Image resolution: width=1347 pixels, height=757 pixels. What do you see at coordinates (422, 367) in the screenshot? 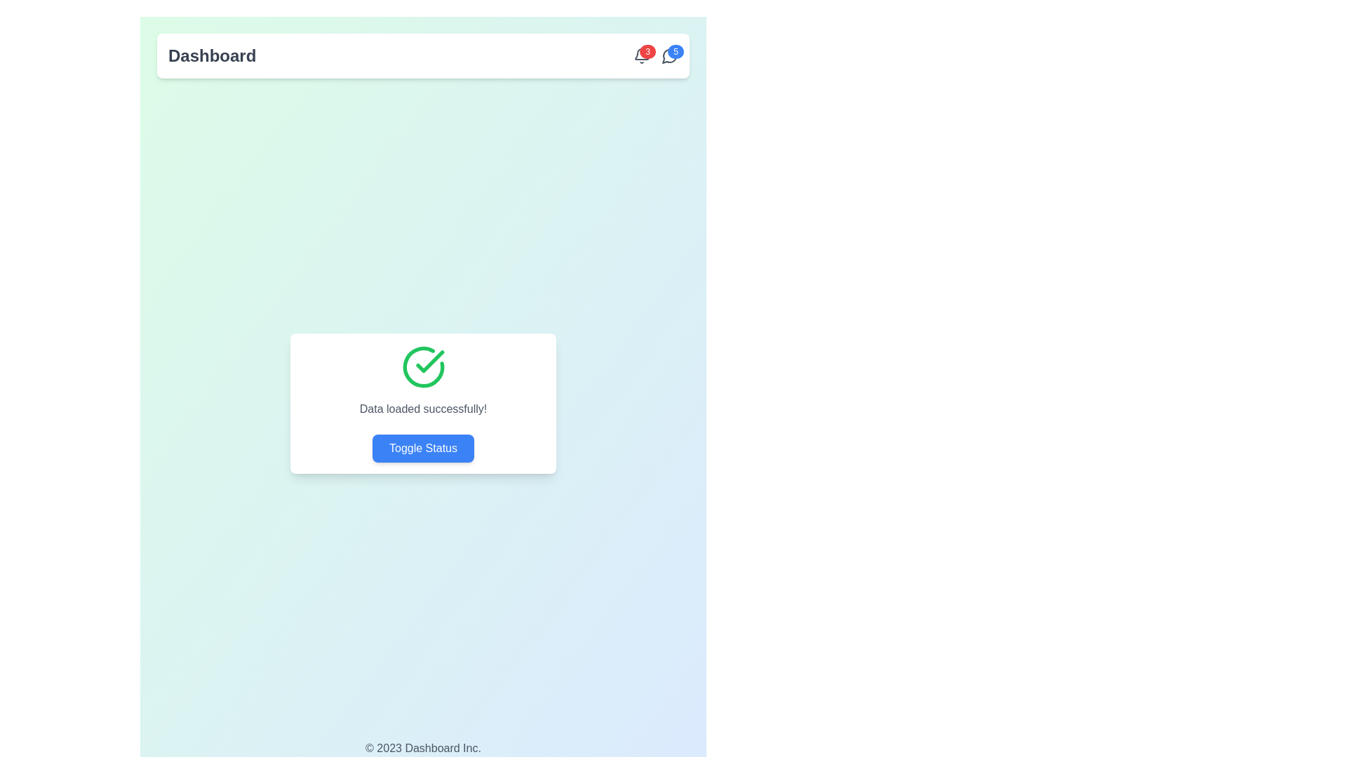
I see `the left semi-circle portion of the circular success icon with a checkmark inside, which is located in the center of the modal dialog` at bounding box center [422, 367].